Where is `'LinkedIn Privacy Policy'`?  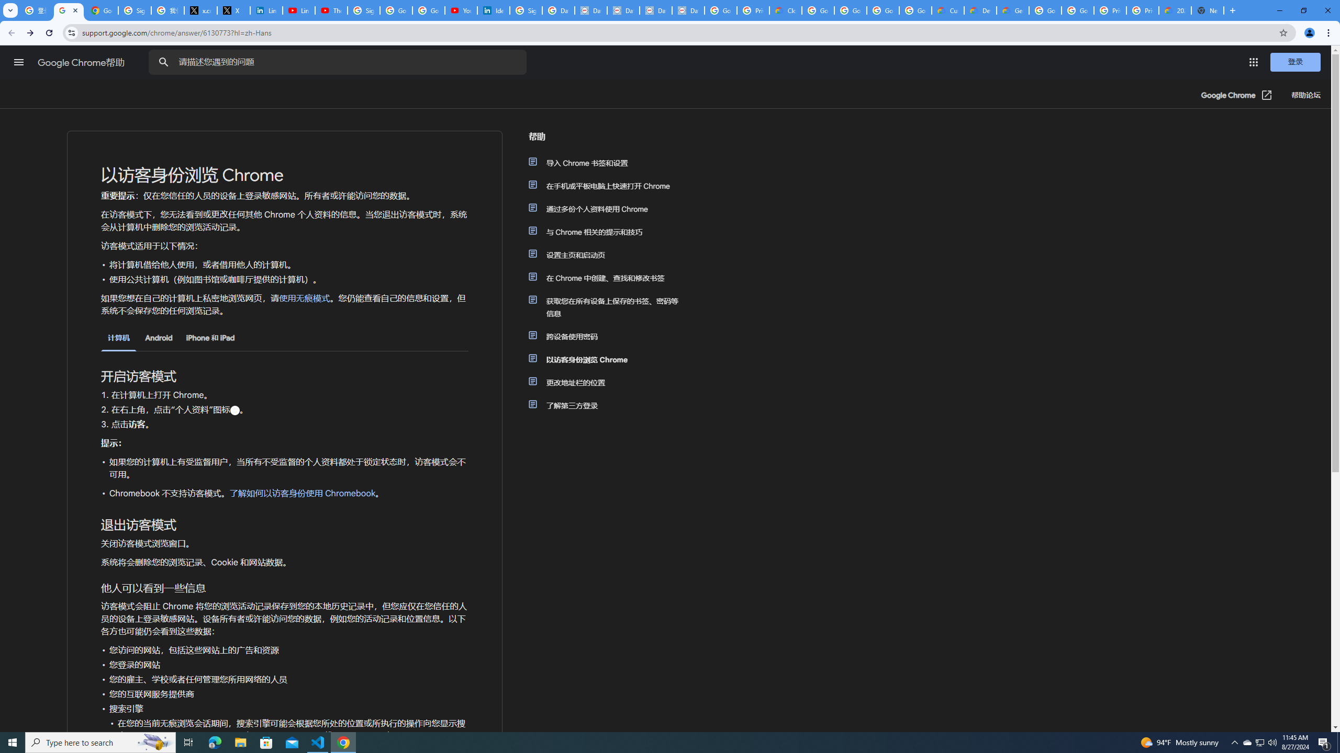
'LinkedIn Privacy Policy' is located at coordinates (265, 10).